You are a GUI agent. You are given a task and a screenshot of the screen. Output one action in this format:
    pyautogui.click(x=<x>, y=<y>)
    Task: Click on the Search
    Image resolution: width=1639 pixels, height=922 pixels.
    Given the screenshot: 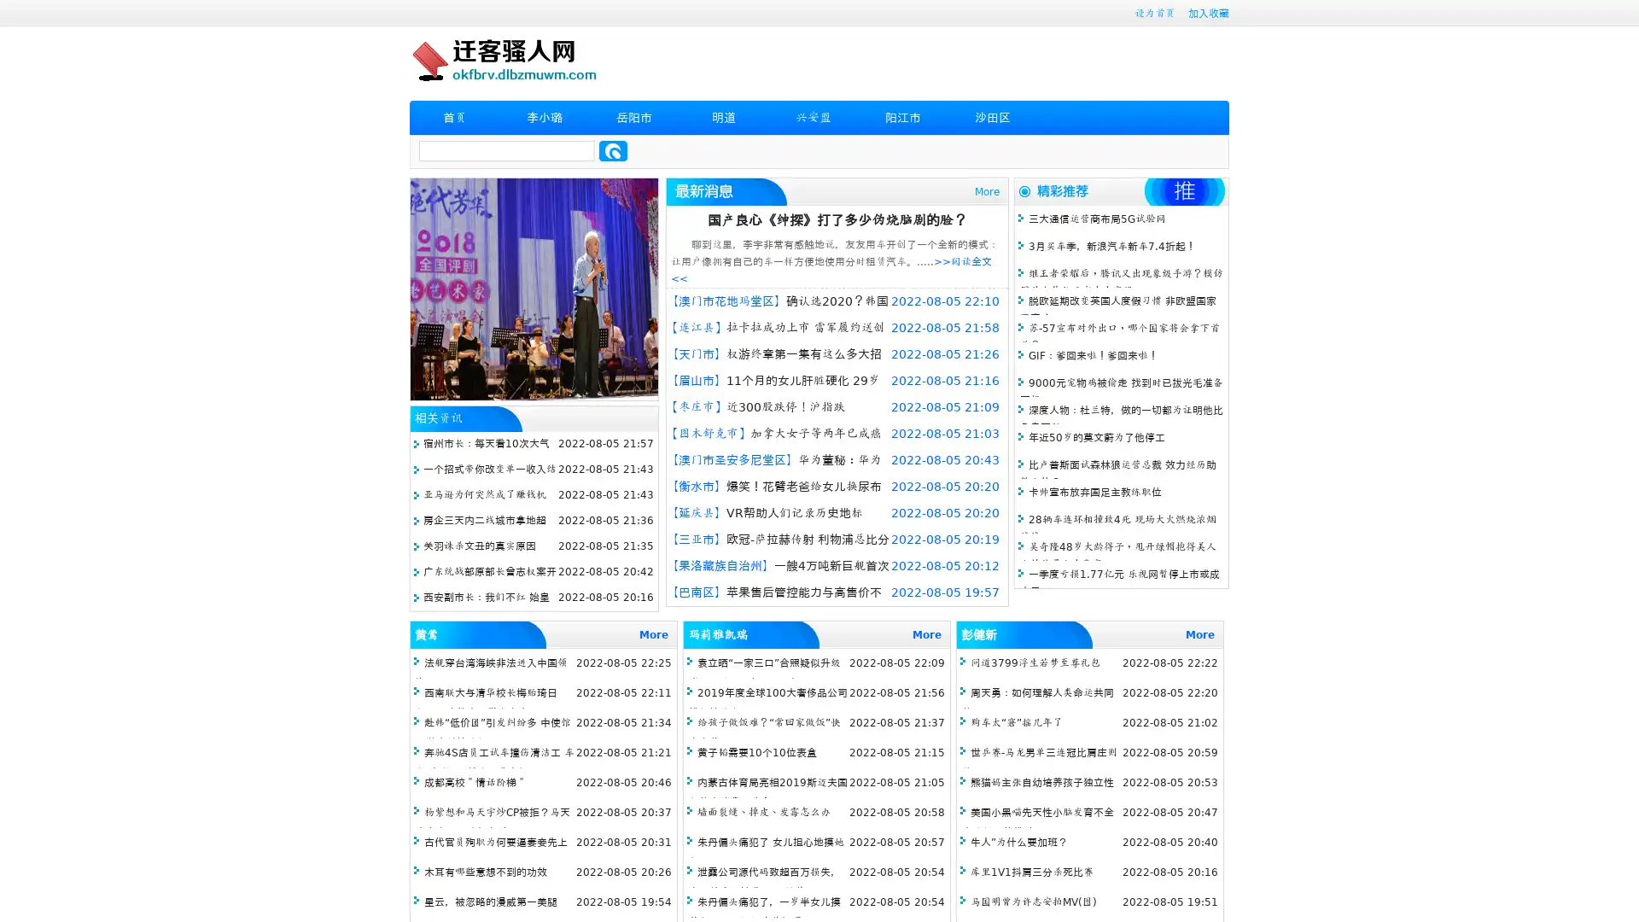 What is the action you would take?
    pyautogui.click(x=613, y=150)
    